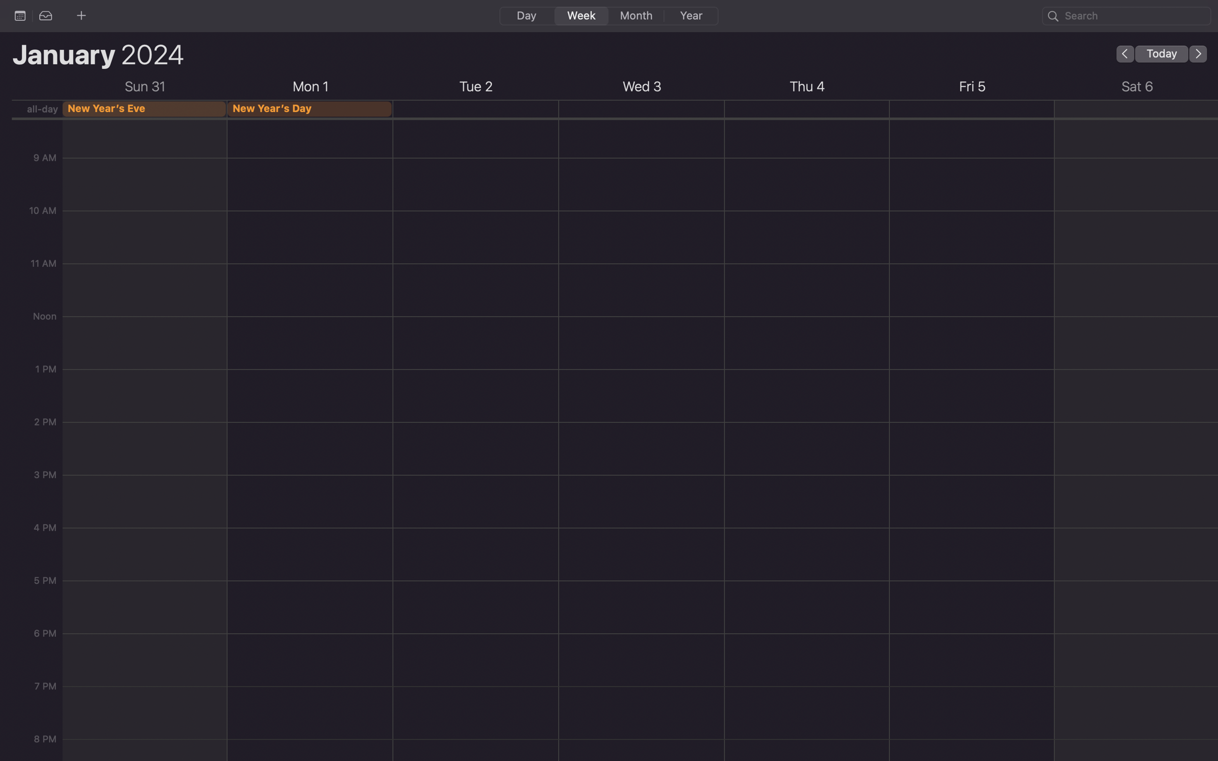  What do you see at coordinates (81, 15) in the screenshot?
I see `the plus icon to swiftly add an event` at bounding box center [81, 15].